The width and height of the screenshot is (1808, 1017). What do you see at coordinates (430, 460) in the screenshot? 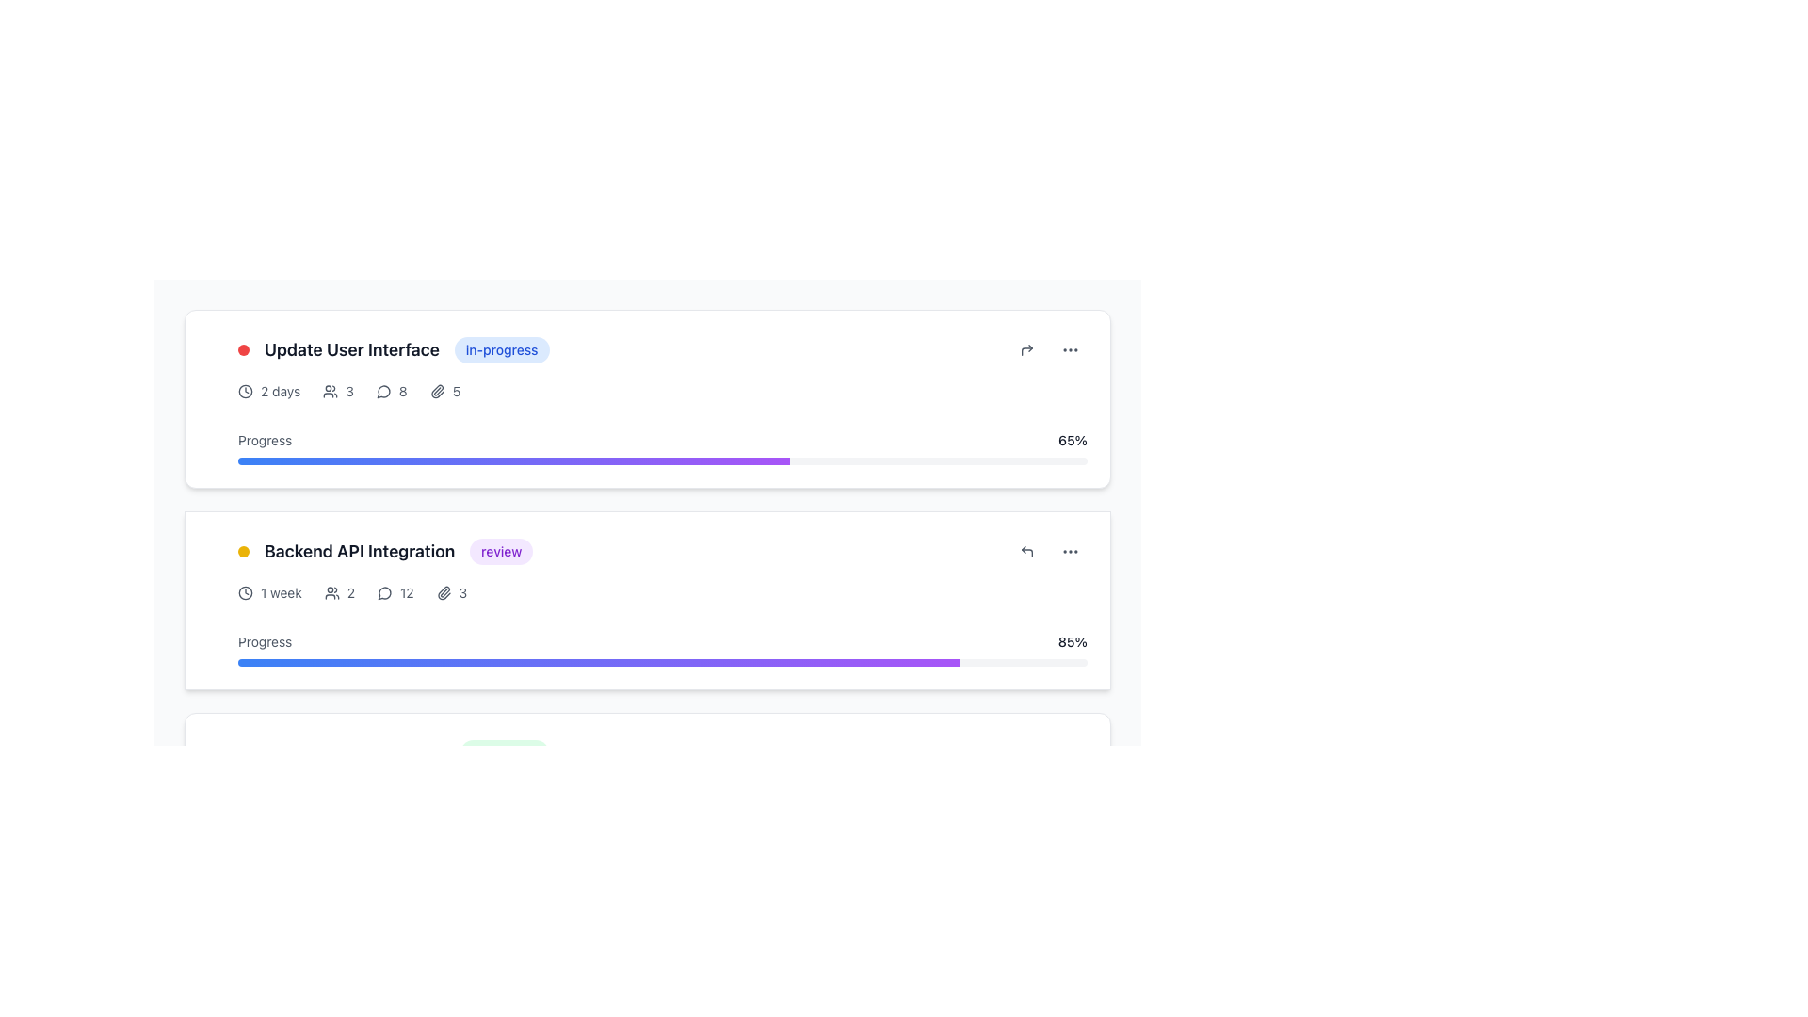
I see `progress` at bounding box center [430, 460].